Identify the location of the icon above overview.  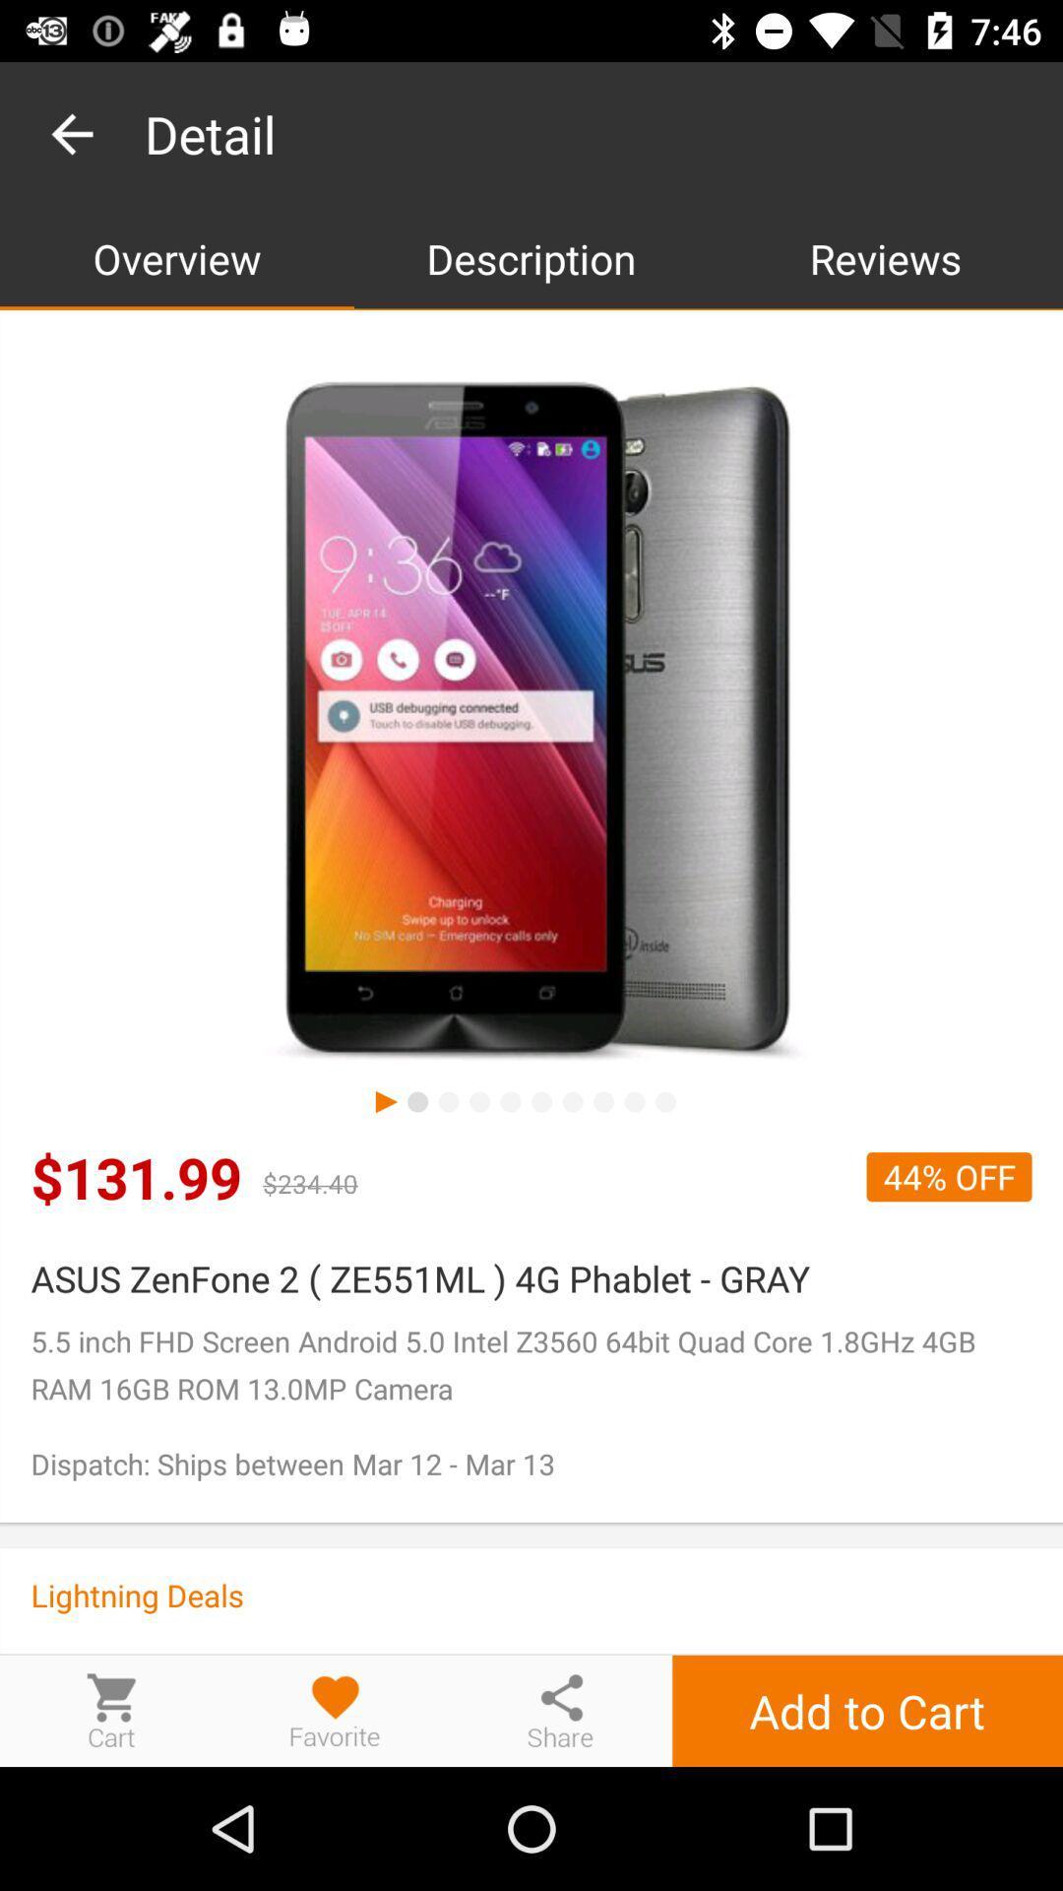
(71, 133).